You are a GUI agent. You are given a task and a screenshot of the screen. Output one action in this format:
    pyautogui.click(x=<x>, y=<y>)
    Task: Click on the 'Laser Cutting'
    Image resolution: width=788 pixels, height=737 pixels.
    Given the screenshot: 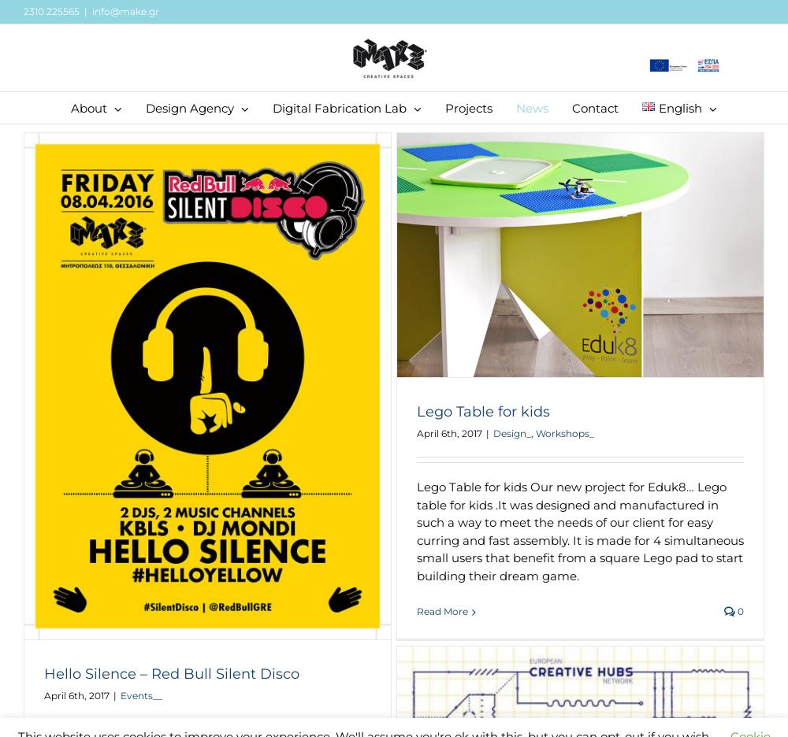 What is the action you would take?
    pyautogui.click(x=308, y=309)
    